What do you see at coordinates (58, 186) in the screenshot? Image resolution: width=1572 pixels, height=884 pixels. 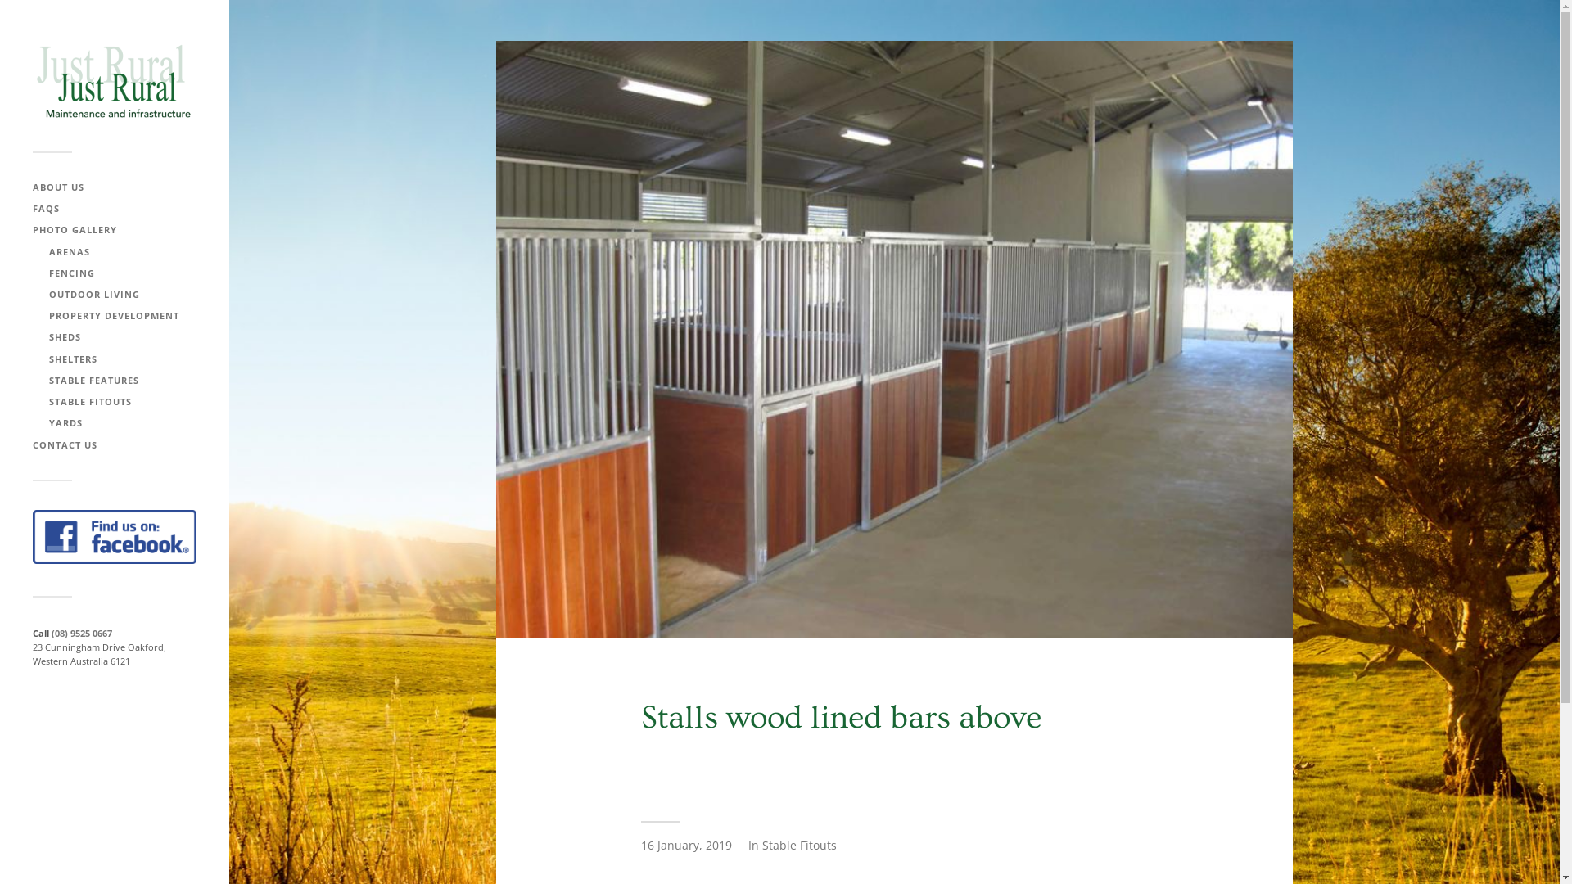 I see `'ABOUT US'` at bounding box center [58, 186].